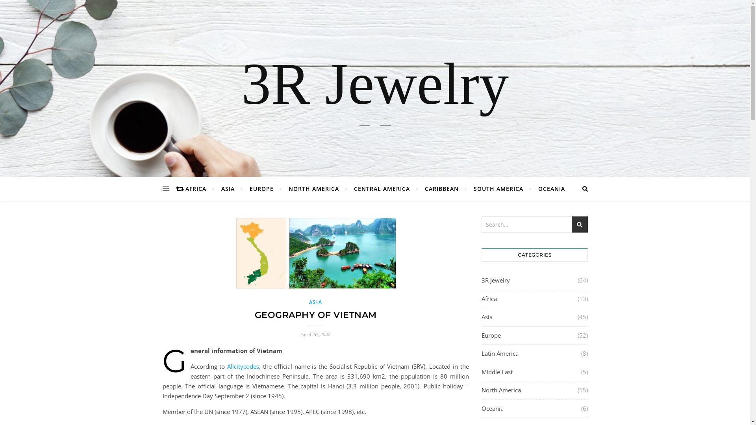 The height and width of the screenshot is (425, 756). Describe the element at coordinates (488, 299) in the screenshot. I see `'Africa'` at that location.